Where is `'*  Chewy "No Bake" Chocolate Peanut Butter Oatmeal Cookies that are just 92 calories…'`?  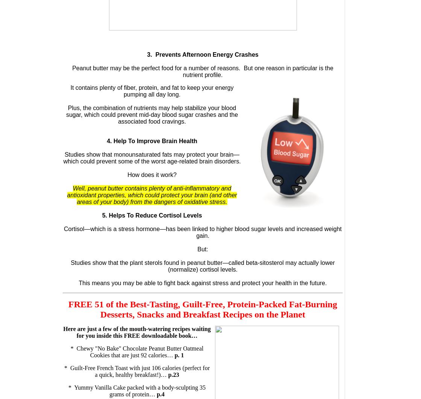
'*  Chewy "No Bake" Chocolate Peanut Butter Oatmeal Cookies that are just 92 calories…' is located at coordinates (70, 351).